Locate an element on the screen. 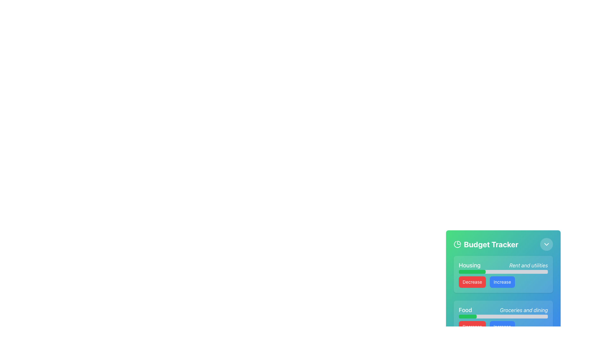  the horizontal progress bar located below the 'Housing' header, which has a light gray background and a green segment covering about 30% of its length is located at coordinates (503, 272).